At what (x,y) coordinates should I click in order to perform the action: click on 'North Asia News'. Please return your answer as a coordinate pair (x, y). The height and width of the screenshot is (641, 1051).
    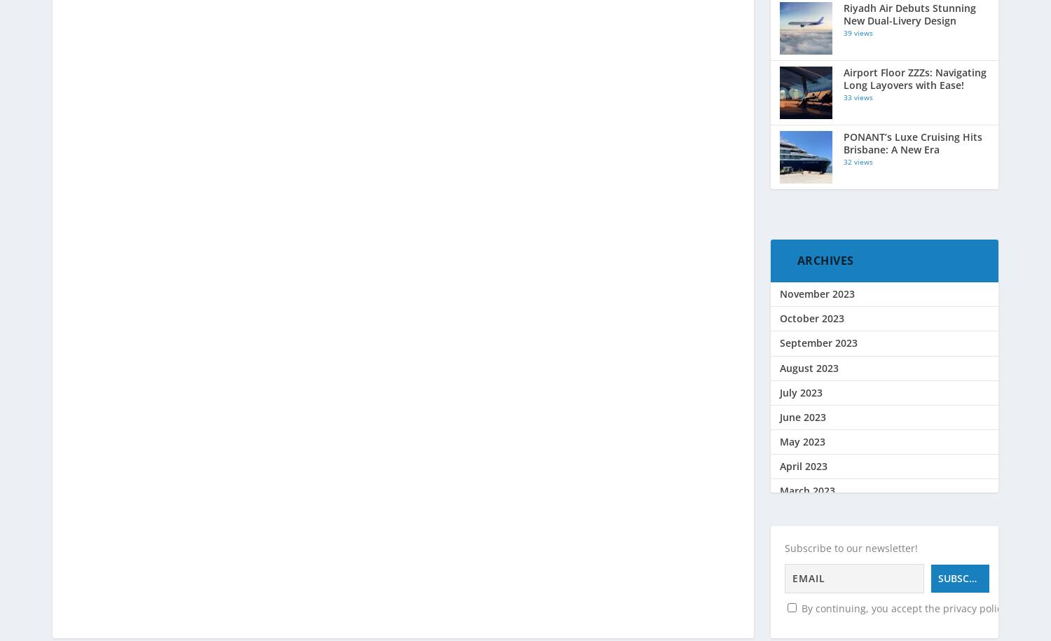
    Looking at the image, I should click on (818, 24).